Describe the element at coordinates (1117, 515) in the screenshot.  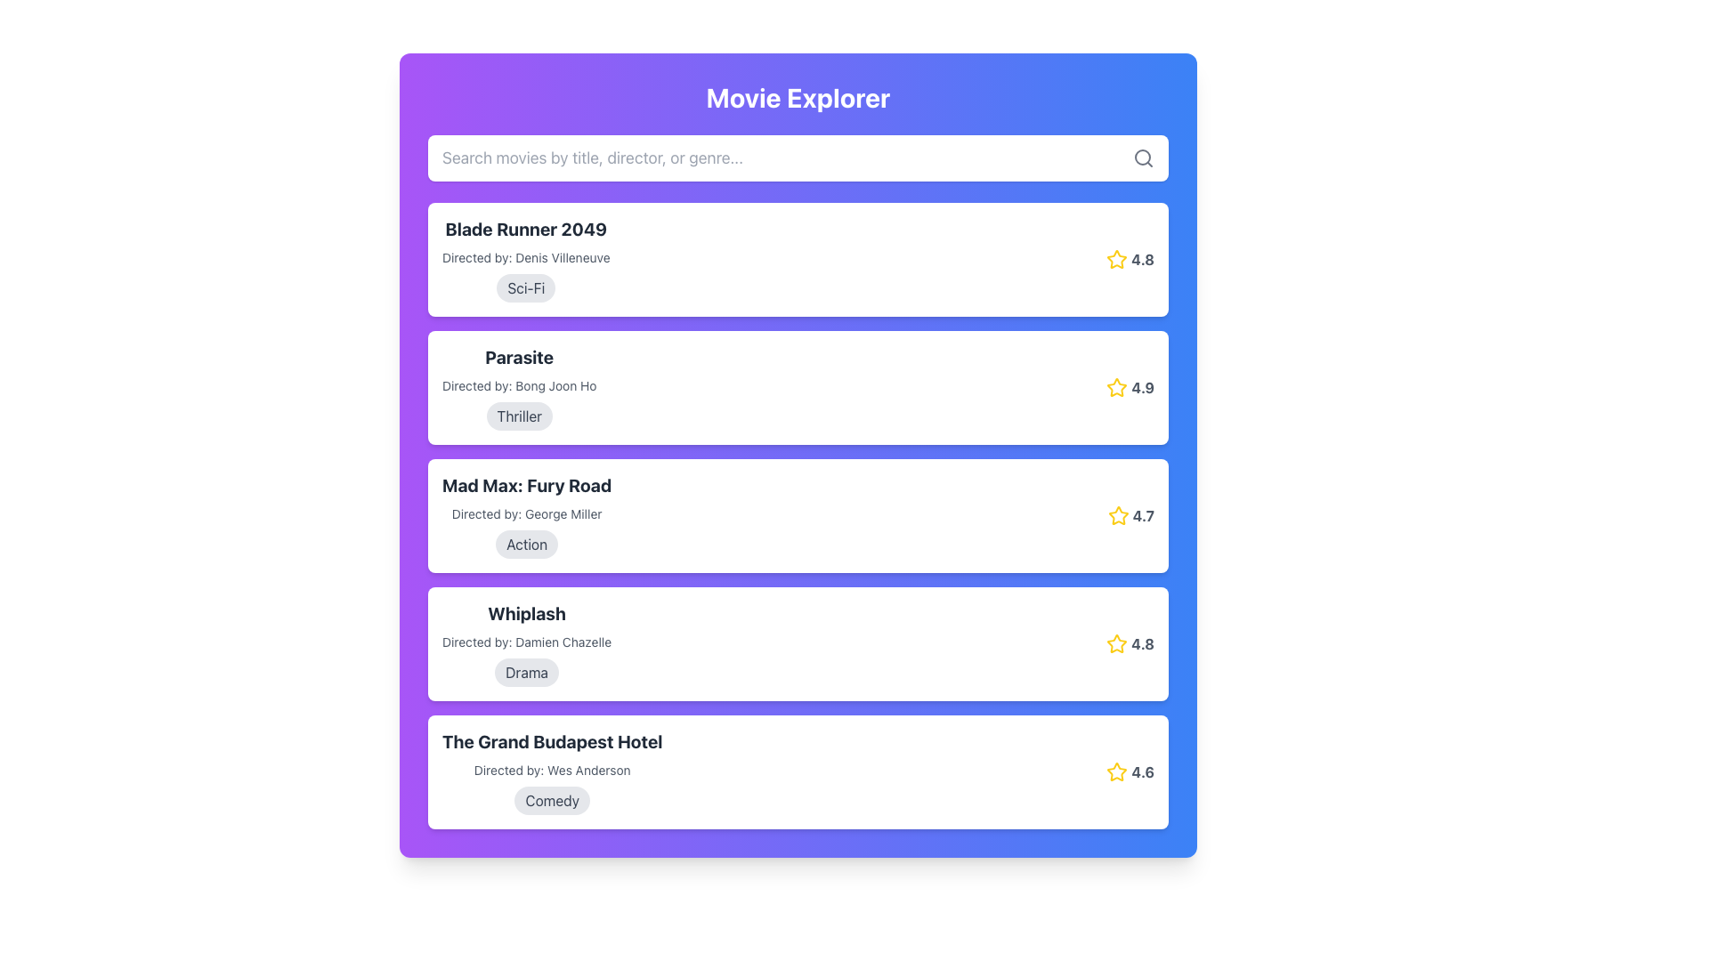
I see `the leftmost rating star icon that visually indicates a filled or selected state, located adjacent to the text '4.7'` at that location.